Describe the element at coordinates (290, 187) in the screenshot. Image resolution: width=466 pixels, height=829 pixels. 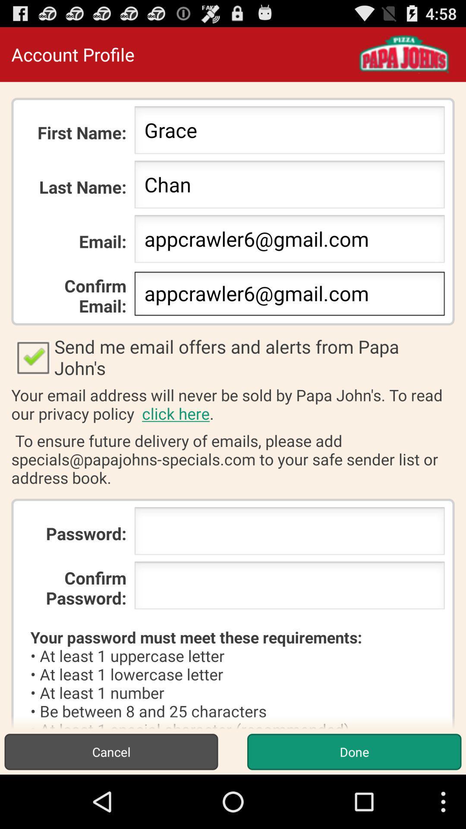
I see `the chan icon` at that location.